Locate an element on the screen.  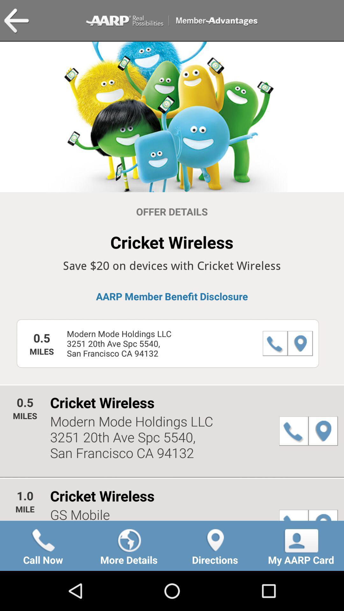
the item below the save 20 on item is located at coordinates (172, 296).